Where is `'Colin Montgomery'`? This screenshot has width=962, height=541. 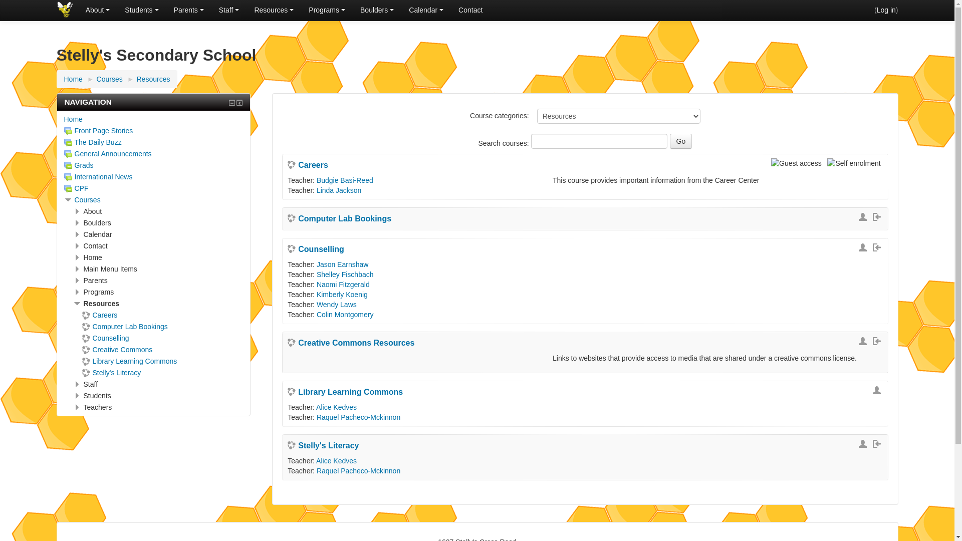 'Colin Montgomery' is located at coordinates (316, 314).